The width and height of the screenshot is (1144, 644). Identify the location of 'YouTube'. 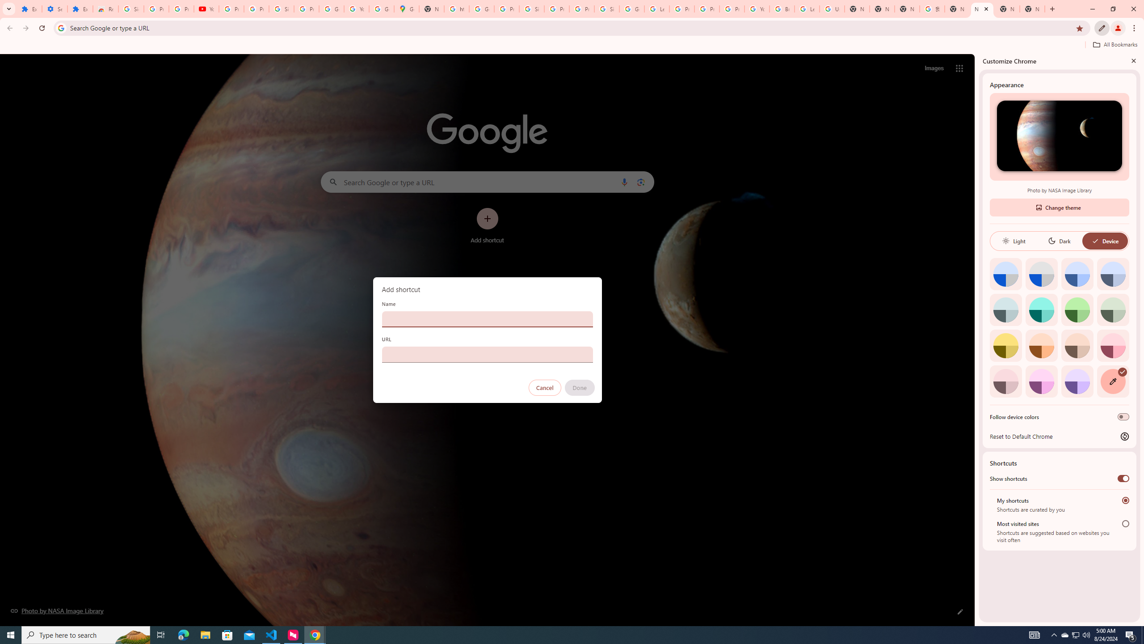
(356, 8).